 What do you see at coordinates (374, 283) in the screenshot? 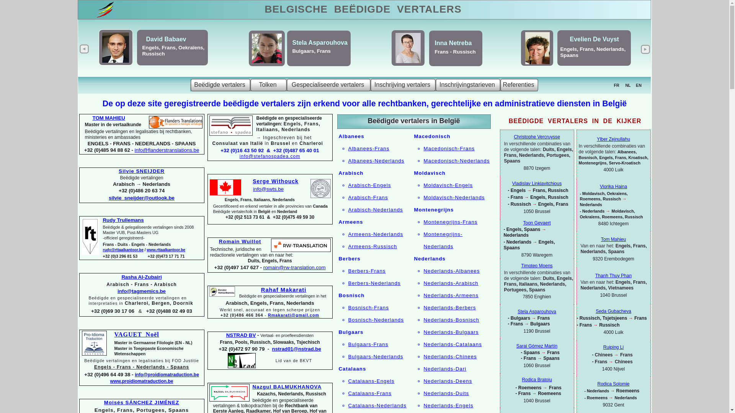
I see `'Berbers-Nederlands'` at bounding box center [374, 283].